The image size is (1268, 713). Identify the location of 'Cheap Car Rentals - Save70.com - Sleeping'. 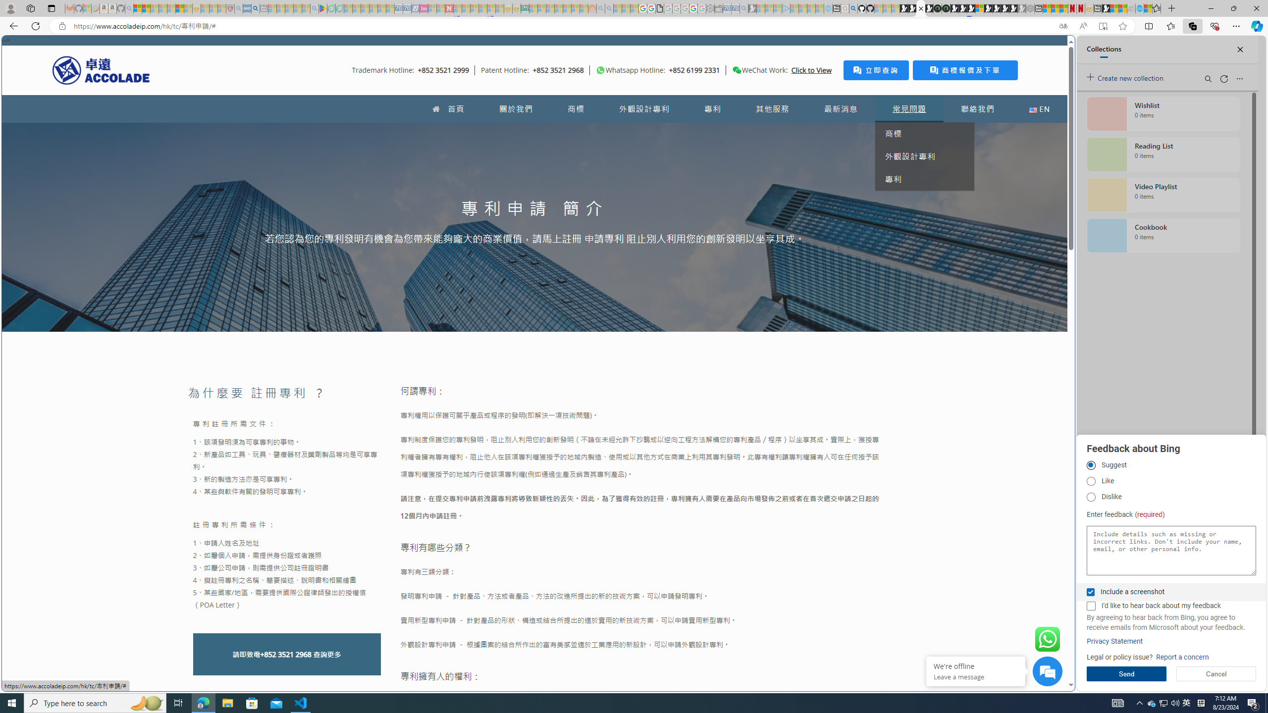
(735, 8).